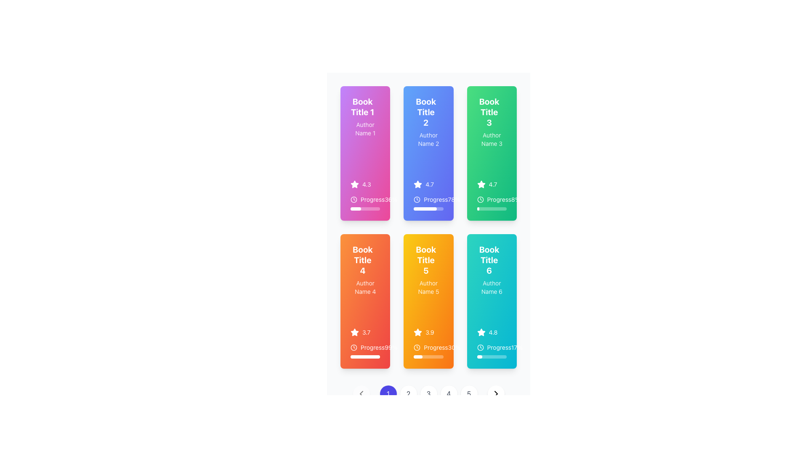  Describe the element at coordinates (428, 184) in the screenshot. I see `the rating display, which shows a numeric value ('4.7') and is located in the second column of a grid layout within the blue card labeled 'Book Title 2'` at that location.